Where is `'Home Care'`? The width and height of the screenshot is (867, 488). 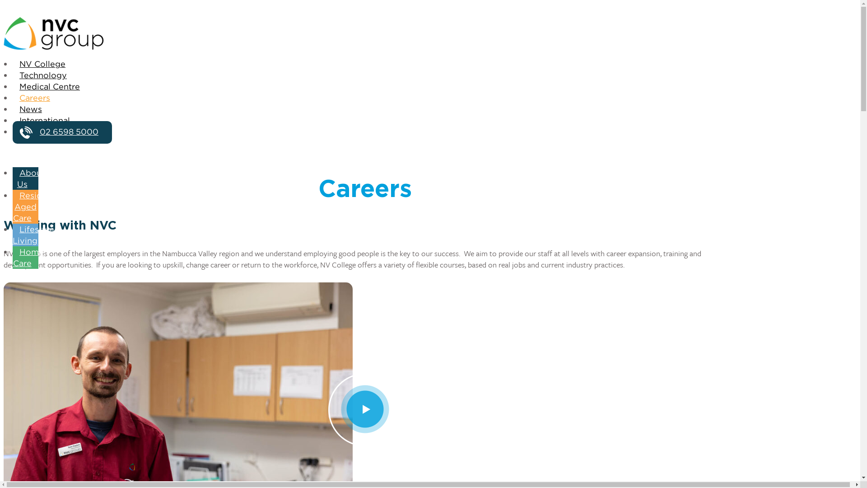 'Home Care' is located at coordinates (28, 258).